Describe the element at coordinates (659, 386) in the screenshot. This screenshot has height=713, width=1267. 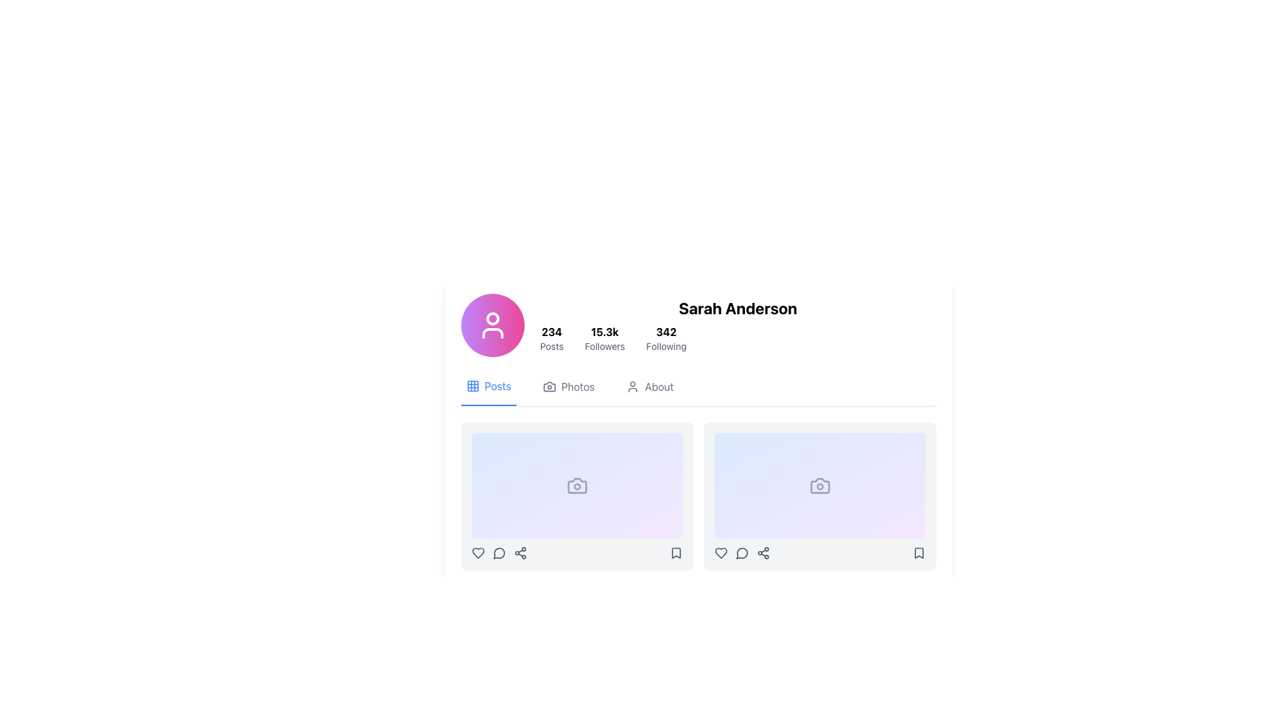
I see `the 'About' text label located in the navigation links below the user profile header, which is the fourth item in the row next to a user icon` at that location.